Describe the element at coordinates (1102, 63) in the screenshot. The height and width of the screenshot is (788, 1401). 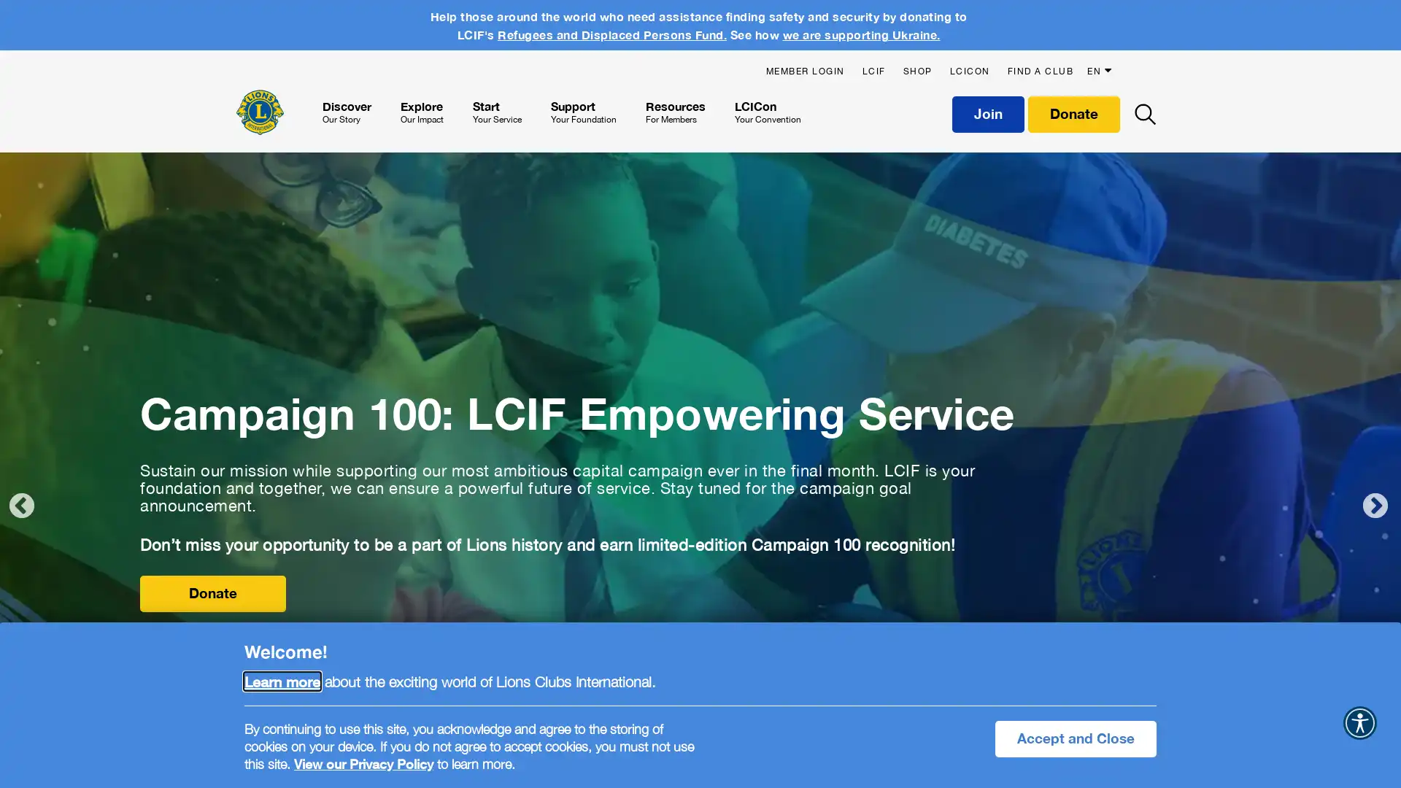
I see `EN` at that location.